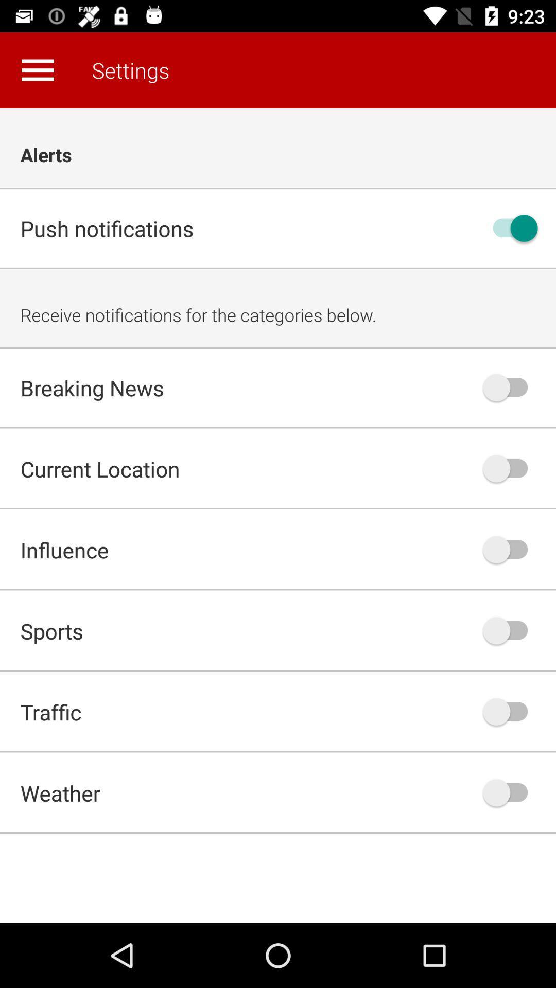 The width and height of the screenshot is (556, 988). I want to click on notifications for breaking news, so click(510, 387).